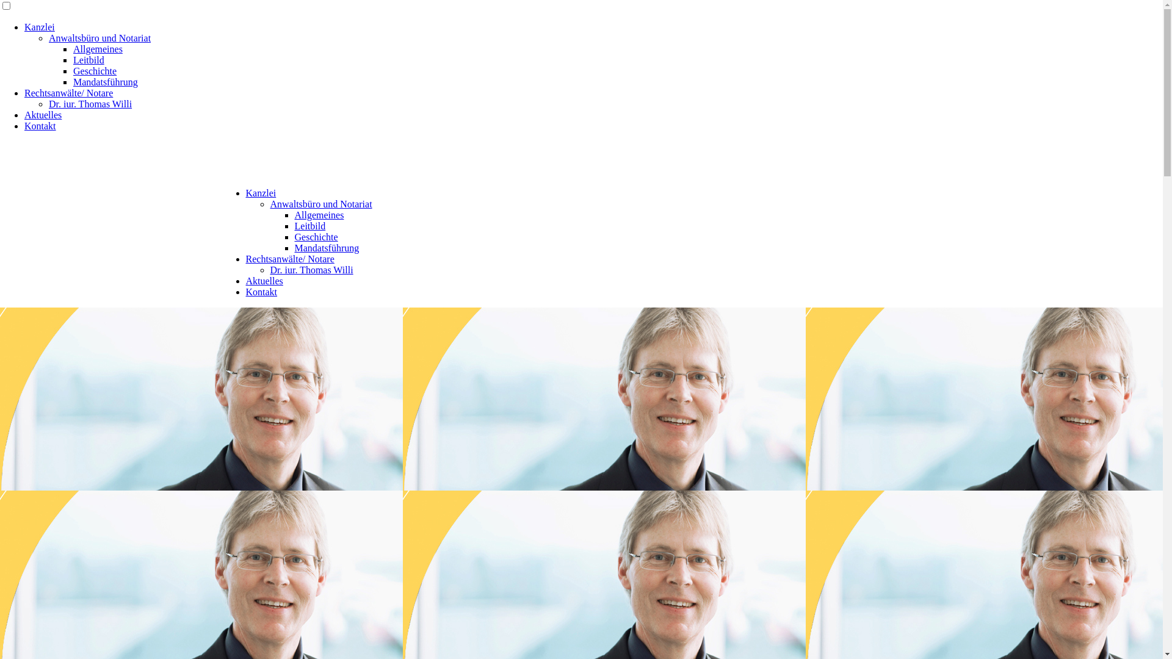  What do you see at coordinates (40, 27) in the screenshot?
I see `'Kanzlei'` at bounding box center [40, 27].